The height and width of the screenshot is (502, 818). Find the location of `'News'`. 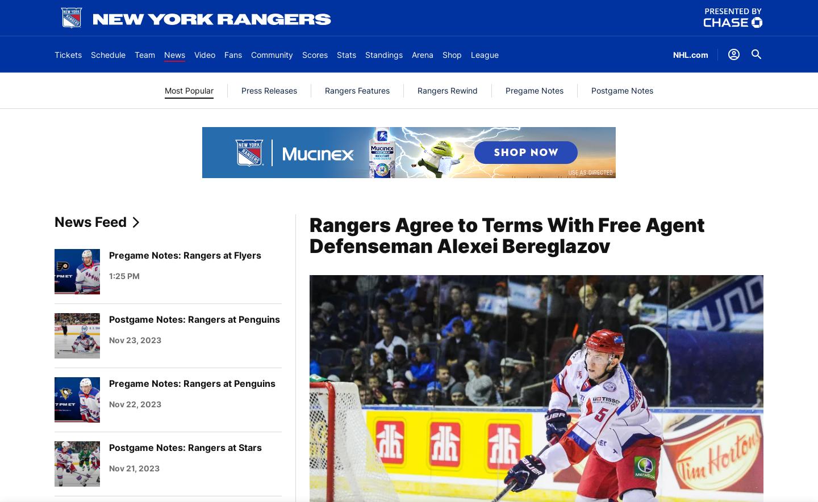

'News' is located at coordinates (174, 54).